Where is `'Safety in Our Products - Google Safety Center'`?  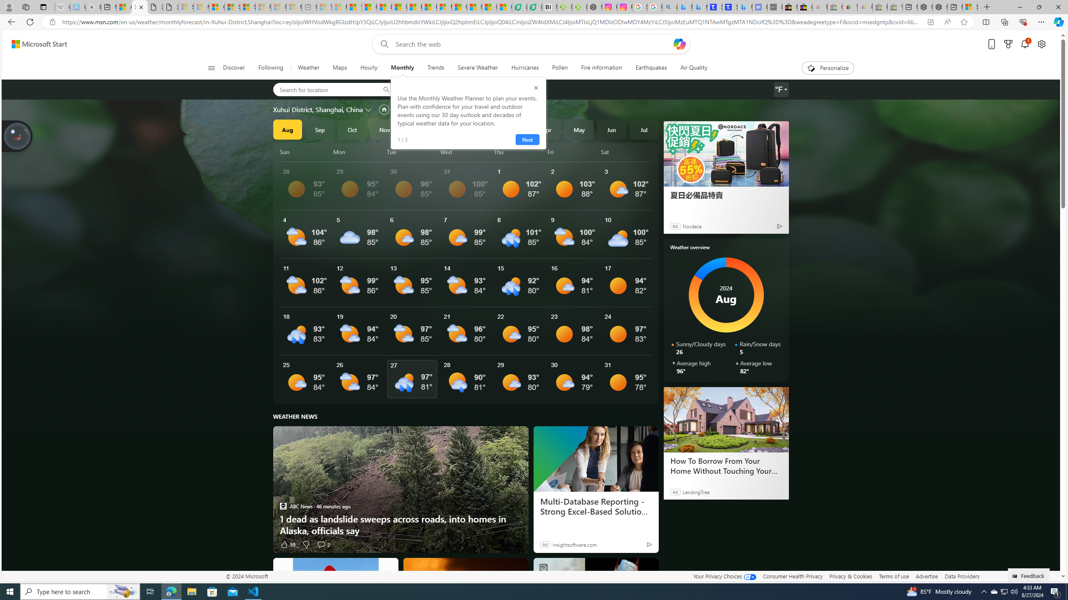
'Safety in Our Products - Google Safety Center' is located at coordinates (639, 7).